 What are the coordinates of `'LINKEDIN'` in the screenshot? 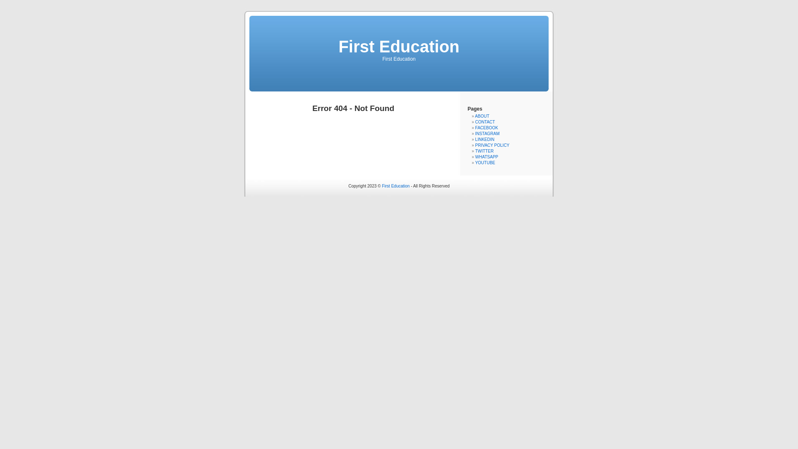 It's located at (485, 139).